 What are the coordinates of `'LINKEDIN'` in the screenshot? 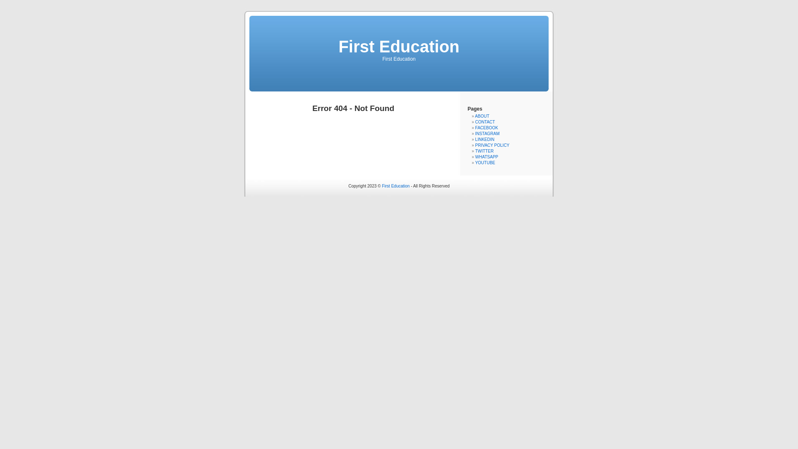 It's located at (485, 139).